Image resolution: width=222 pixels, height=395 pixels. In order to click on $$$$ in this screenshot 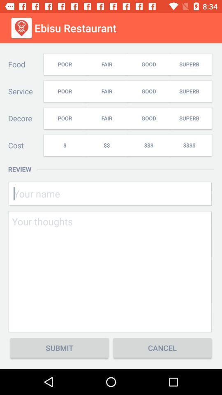, I will do `click(190, 145)`.